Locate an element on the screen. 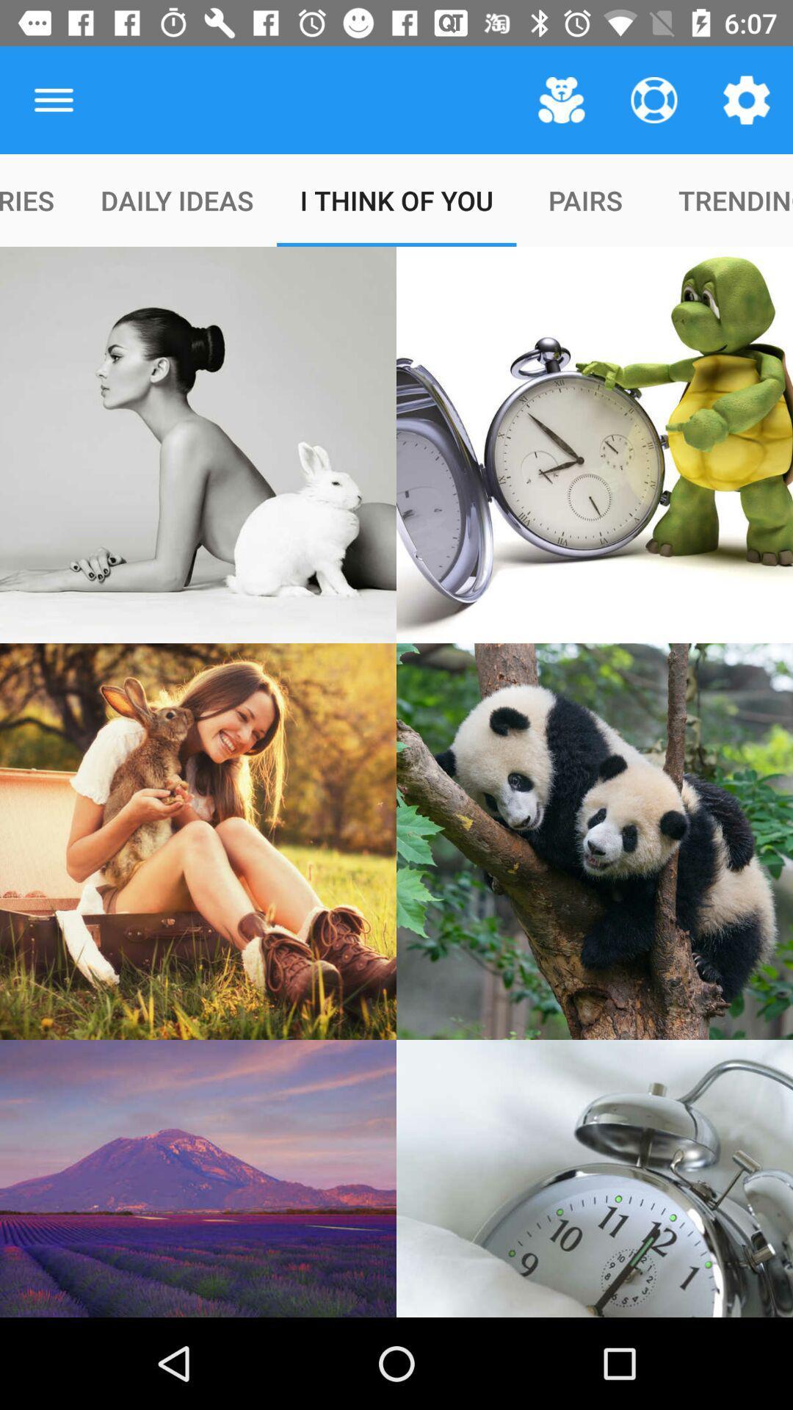 This screenshot has width=793, height=1410. item above categories is located at coordinates (53, 99).